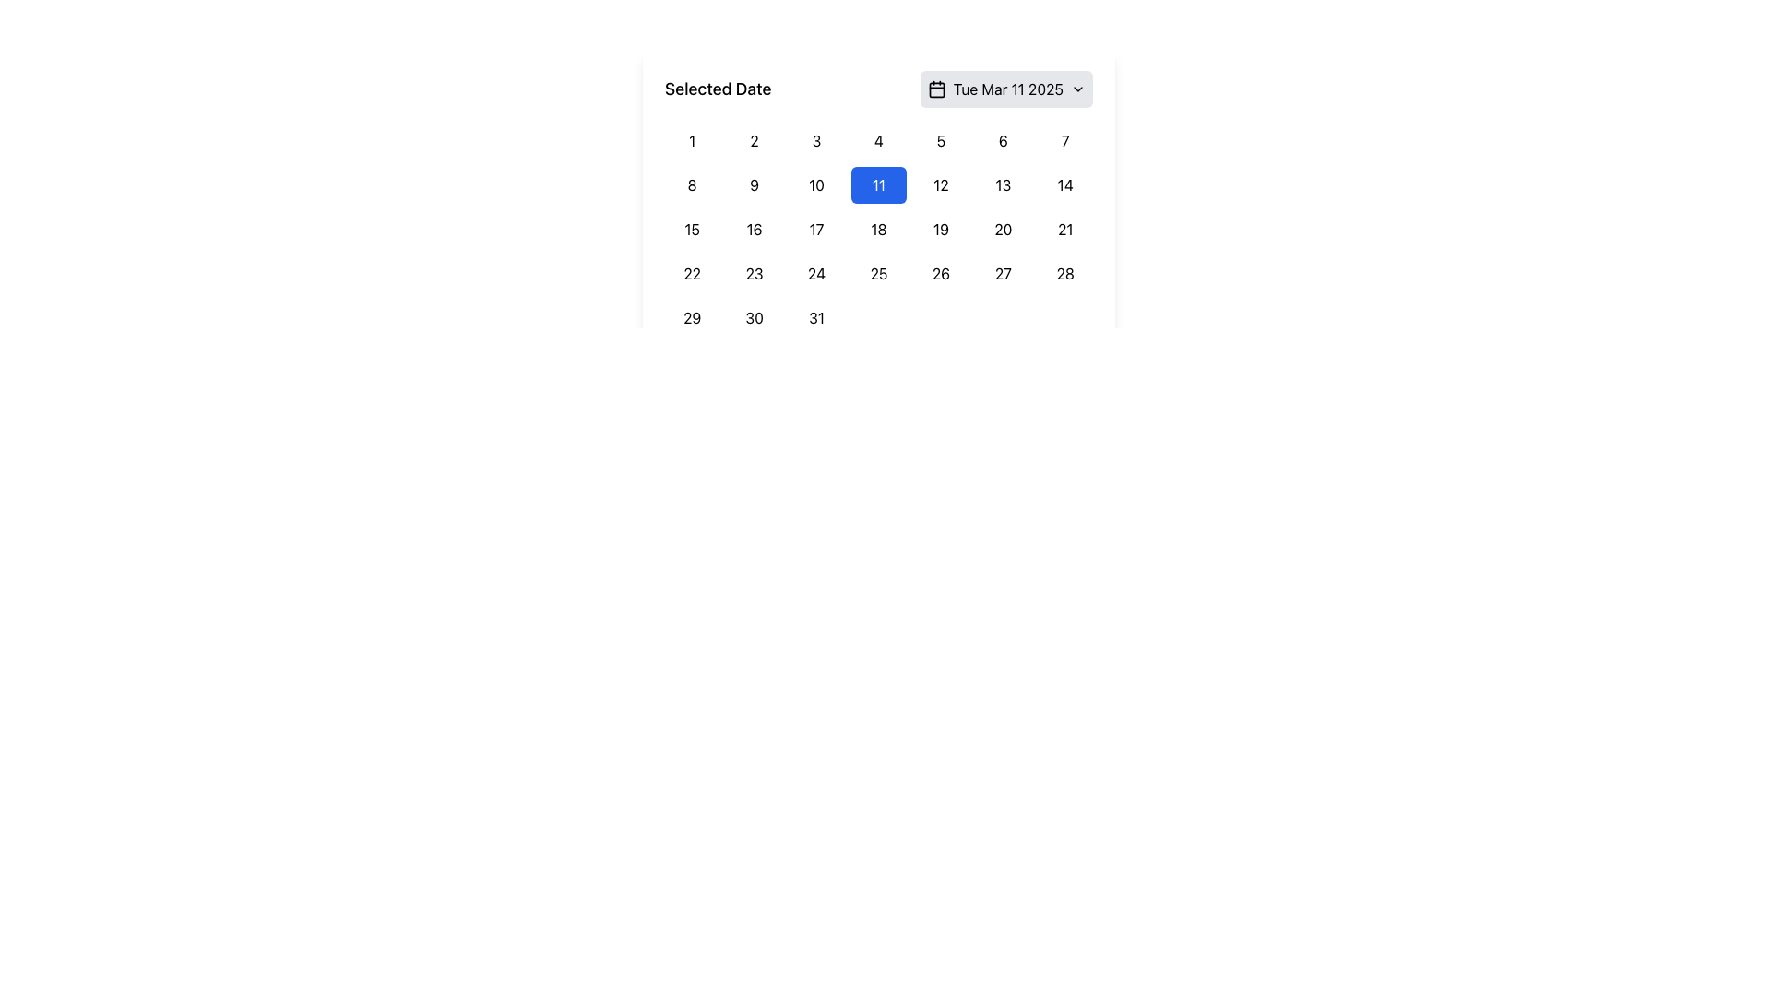 The width and height of the screenshot is (1771, 996). What do you see at coordinates (878, 203) in the screenshot?
I see `the blue button with the number '11' in white text` at bounding box center [878, 203].